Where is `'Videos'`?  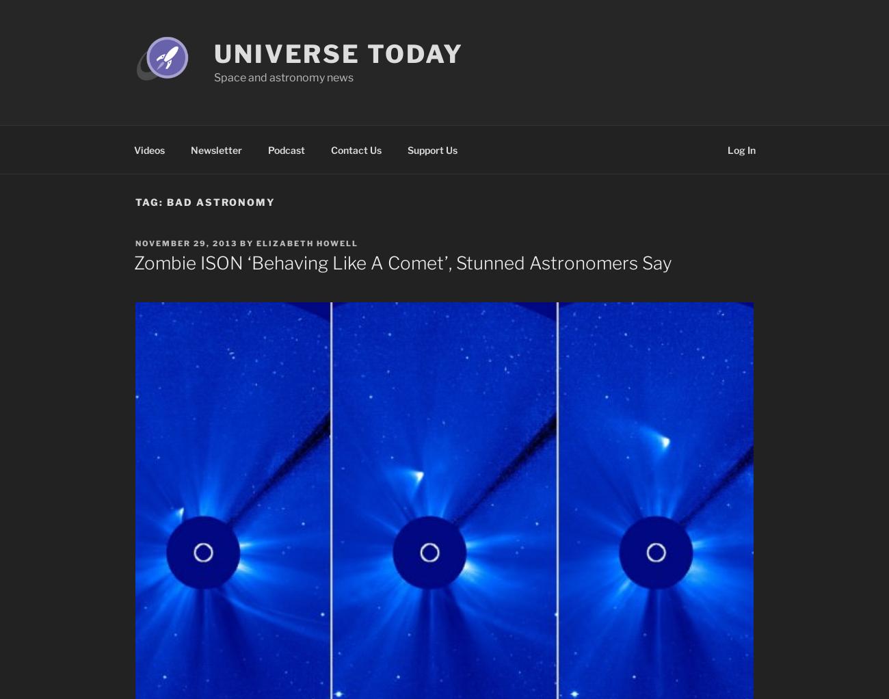 'Videos' is located at coordinates (148, 149).